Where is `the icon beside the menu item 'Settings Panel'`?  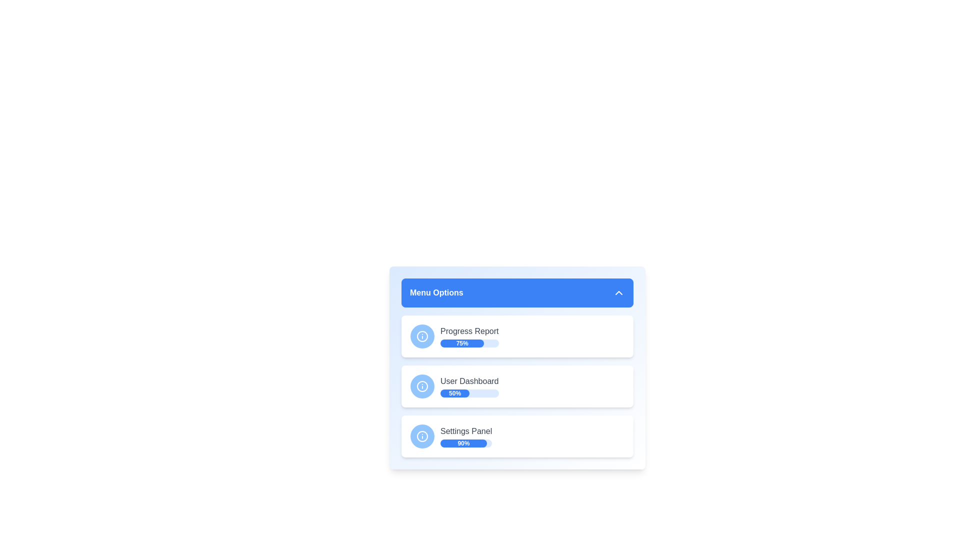 the icon beside the menu item 'Settings Panel' is located at coordinates (422, 435).